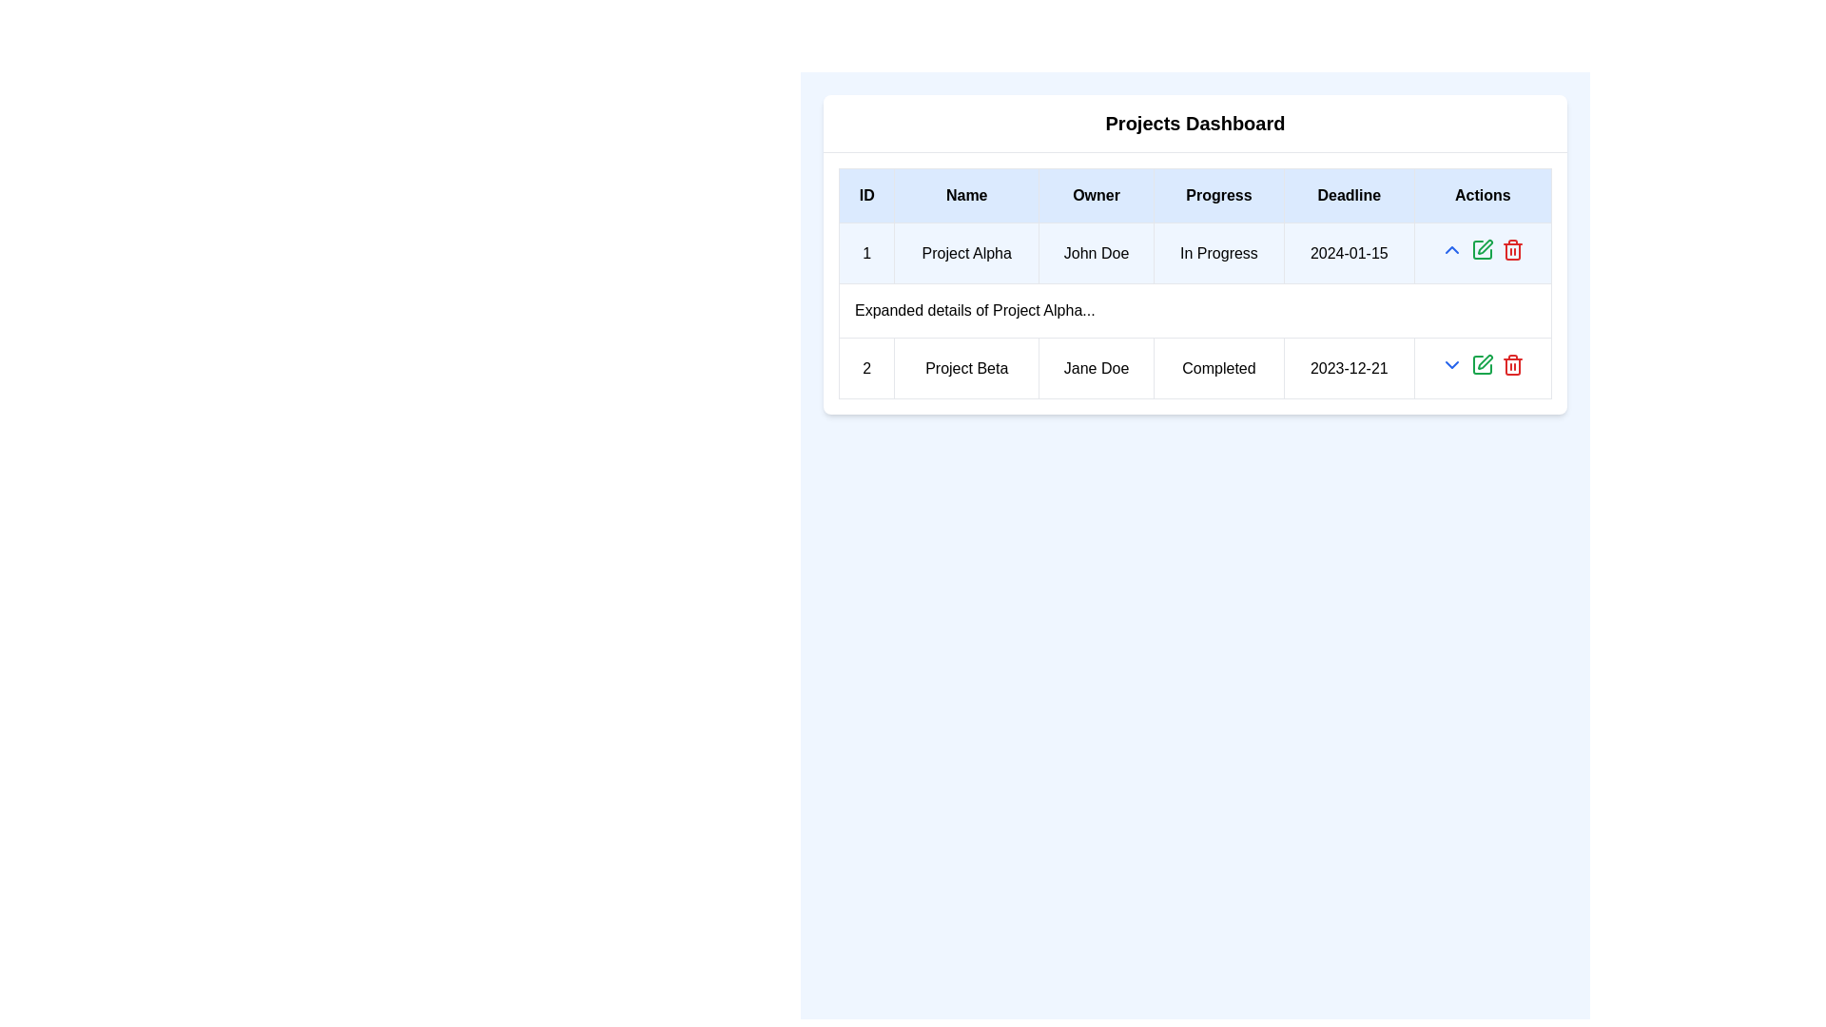 Image resolution: width=1826 pixels, height=1027 pixels. What do you see at coordinates (1097, 195) in the screenshot?
I see `the table header cell representing the owners column, which is the third cell in a horizontal row of six, located between the 'Name' and 'Progress' cells` at bounding box center [1097, 195].